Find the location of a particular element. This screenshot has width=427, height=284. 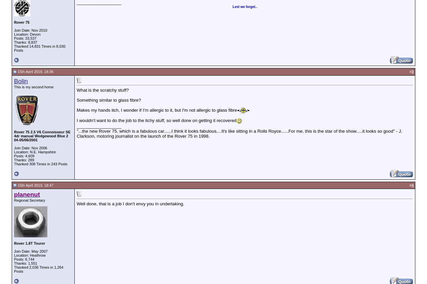

'Rover 1.8T Tourer' is located at coordinates (29, 243).